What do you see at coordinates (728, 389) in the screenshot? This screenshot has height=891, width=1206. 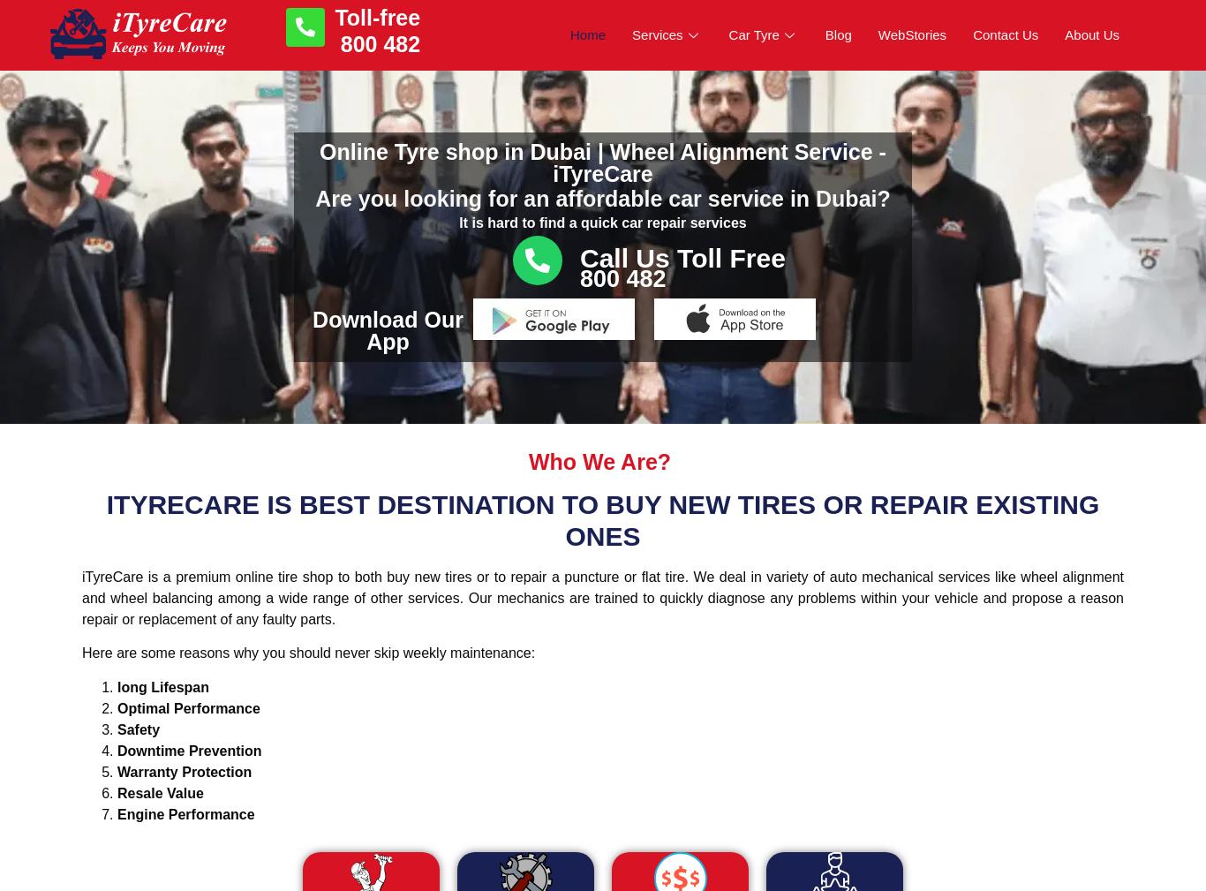 I see `'Michelin Tyres'` at bounding box center [728, 389].